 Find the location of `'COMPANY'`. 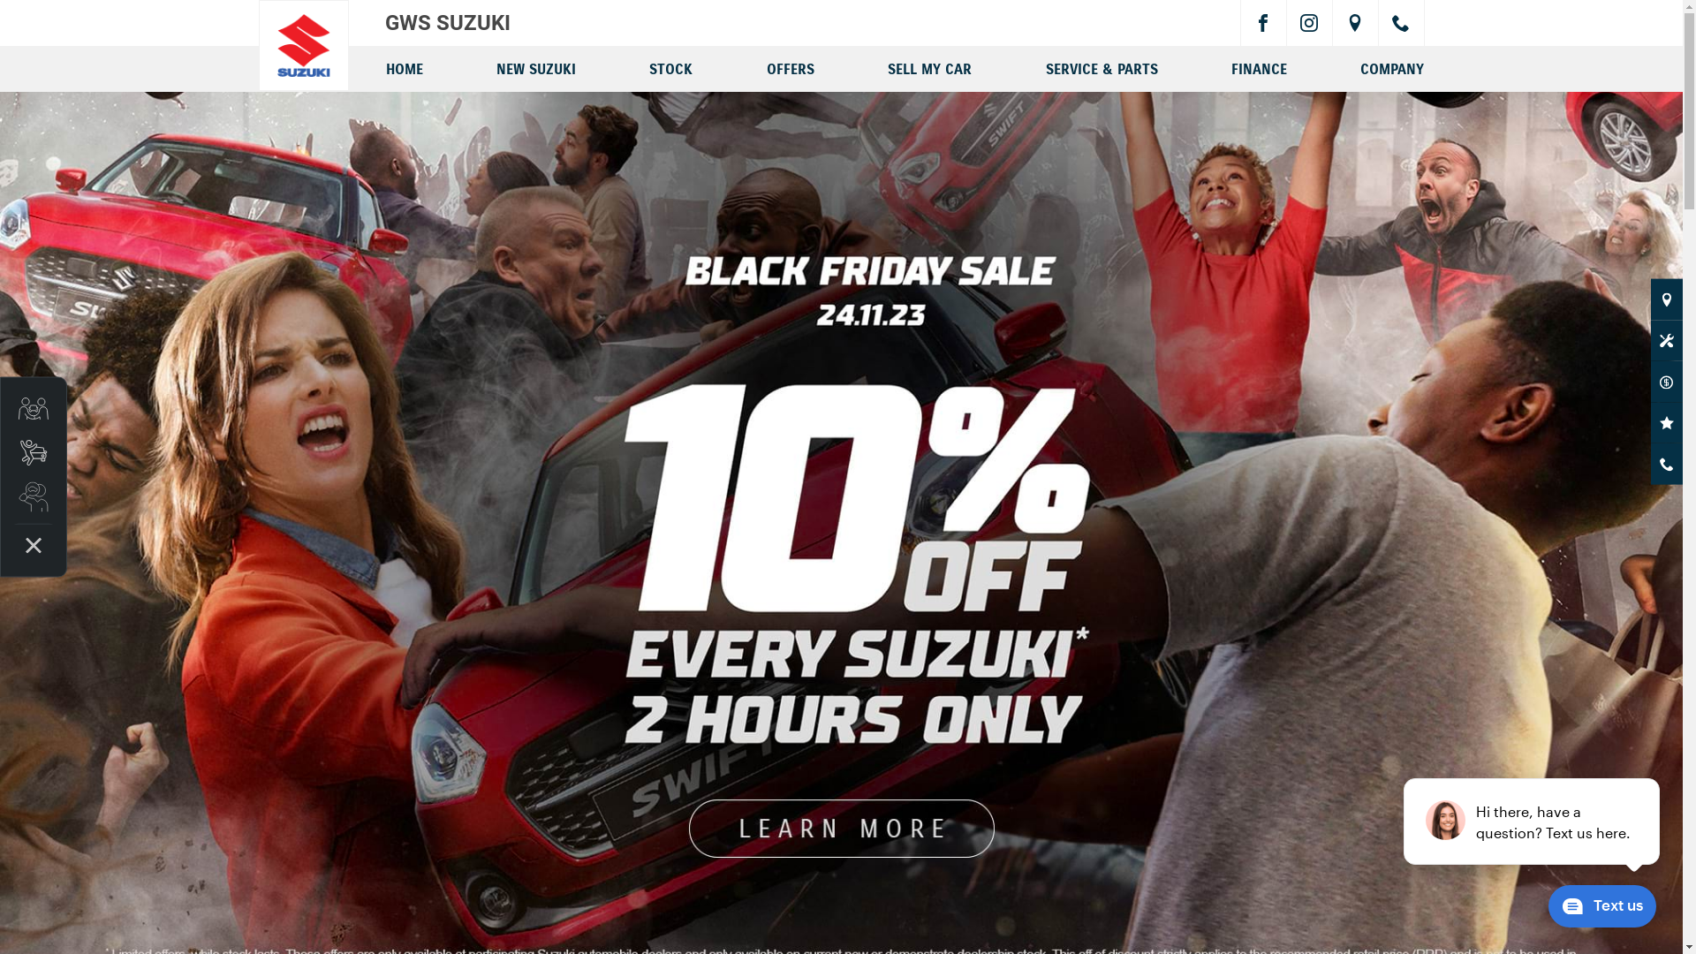

'COMPANY' is located at coordinates (1343, 67).